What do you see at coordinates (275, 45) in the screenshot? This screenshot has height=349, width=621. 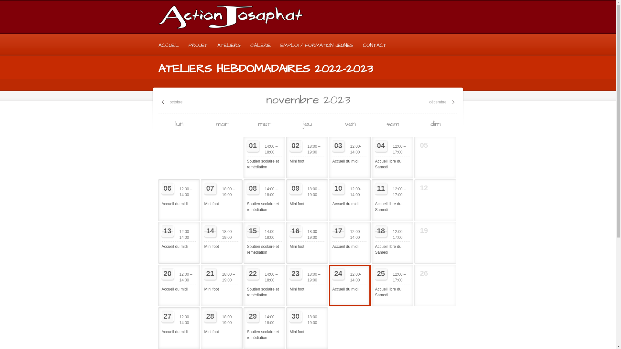 I see `'EMPLOI / FORMATION JEUNES'` at bounding box center [275, 45].